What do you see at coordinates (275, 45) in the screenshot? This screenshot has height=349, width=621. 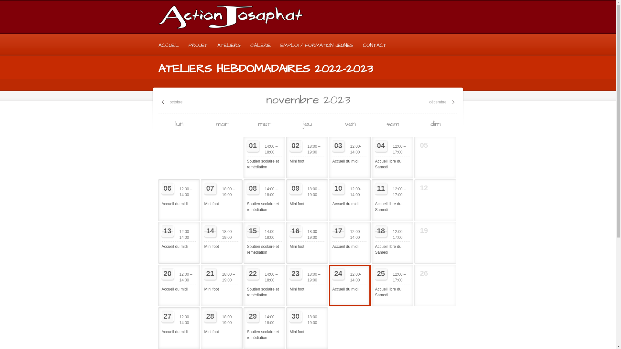 I see `'EMPLOI / FORMATION JEUNES'` at bounding box center [275, 45].